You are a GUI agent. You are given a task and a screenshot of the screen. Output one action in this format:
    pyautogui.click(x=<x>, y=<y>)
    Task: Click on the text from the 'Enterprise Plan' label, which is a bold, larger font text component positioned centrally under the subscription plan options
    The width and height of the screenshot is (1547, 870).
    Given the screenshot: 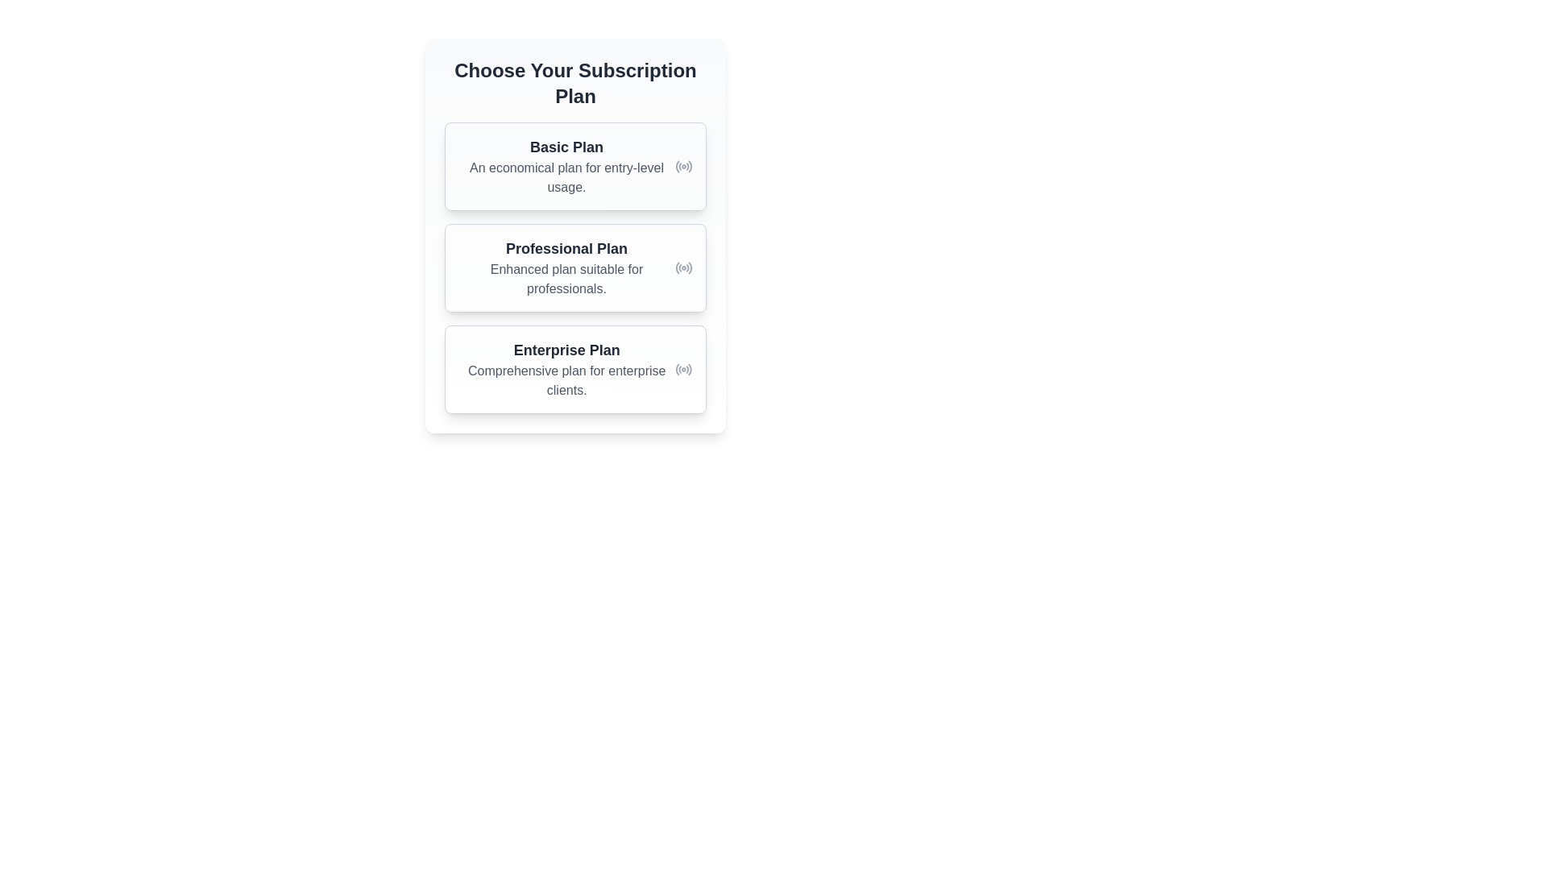 What is the action you would take?
    pyautogui.click(x=566, y=350)
    